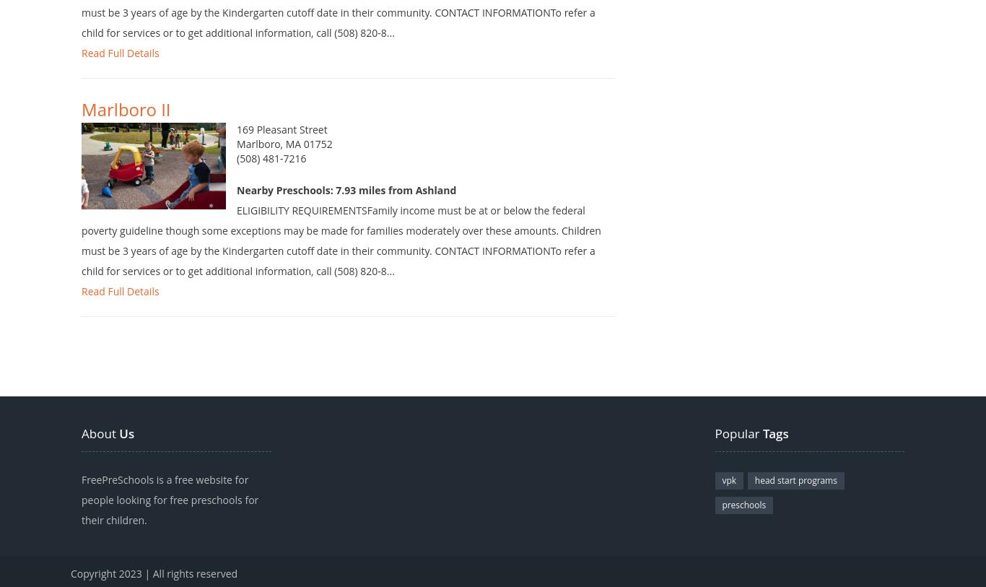 This screenshot has height=587, width=986. What do you see at coordinates (795, 502) in the screenshot?
I see `'head start programs'` at bounding box center [795, 502].